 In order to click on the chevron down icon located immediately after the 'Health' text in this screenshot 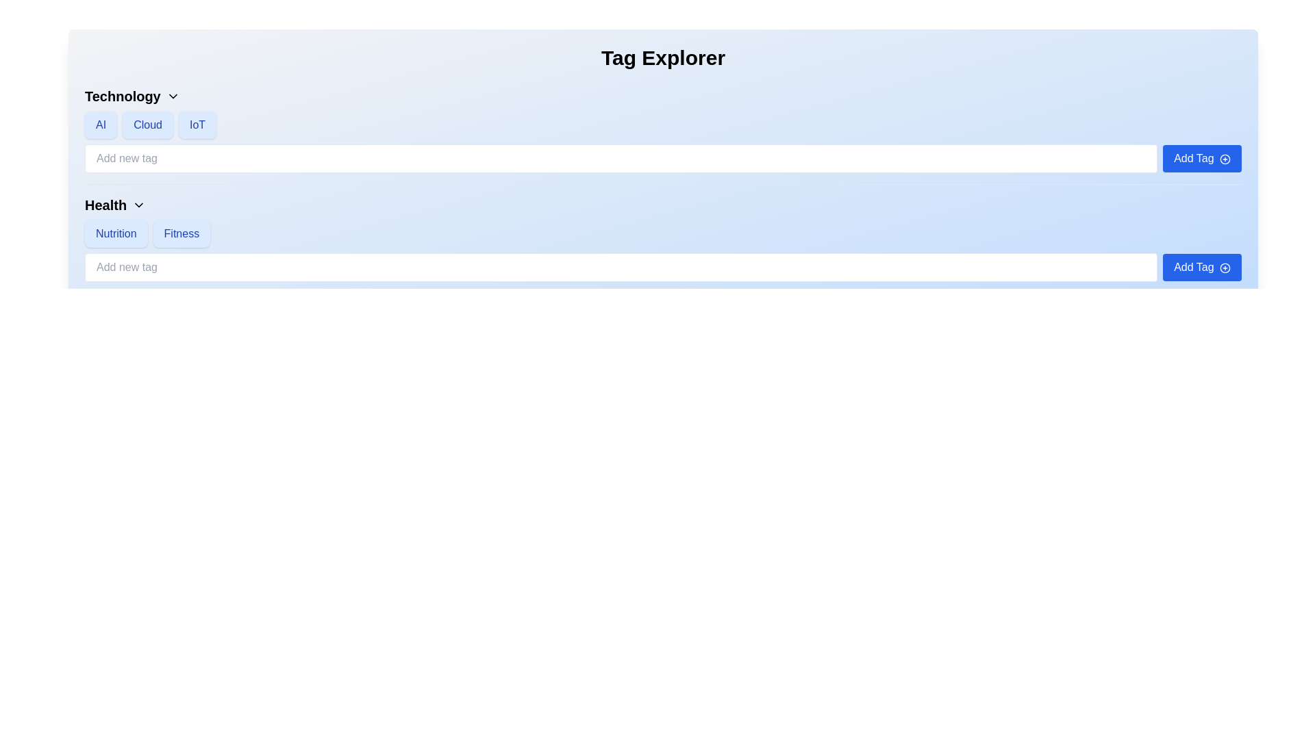, I will do `click(139, 205)`.